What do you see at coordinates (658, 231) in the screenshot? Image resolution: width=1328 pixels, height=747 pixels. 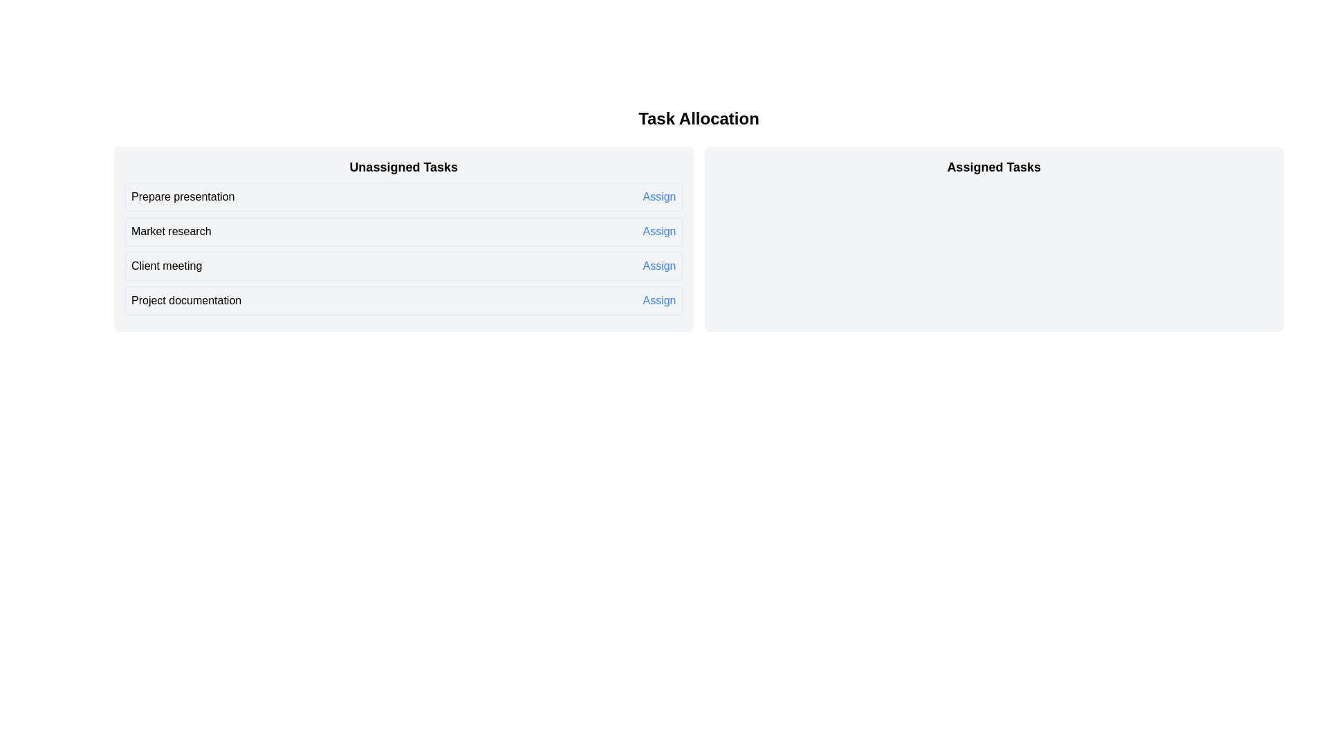 I see `the interactive text label 'Assign' styled in blue font located on the right side of the 'Market research' row within the 'Unassigned Tasks' section to initiate assignment` at bounding box center [658, 231].